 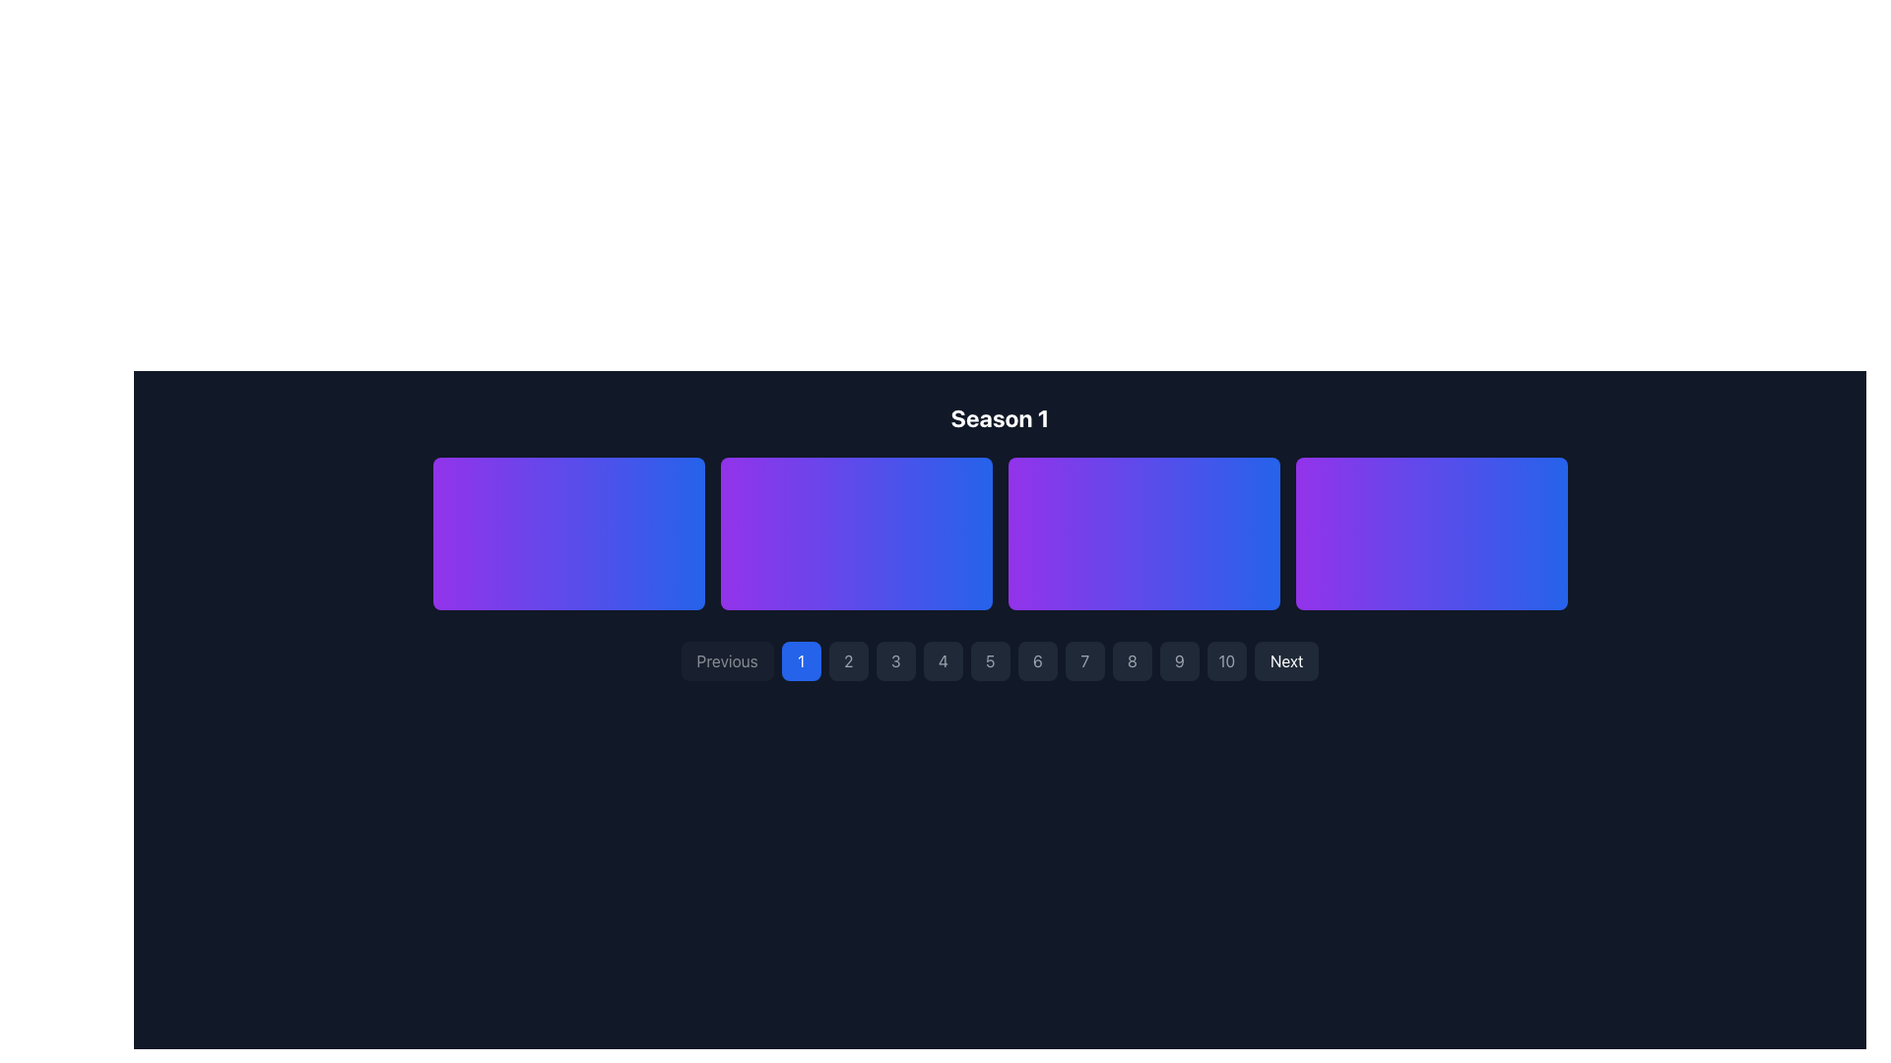 What do you see at coordinates (1225, 661) in the screenshot?
I see `the rectangular button labeled '10' with a dark gray background located in the bottom horizontal navigation bar` at bounding box center [1225, 661].